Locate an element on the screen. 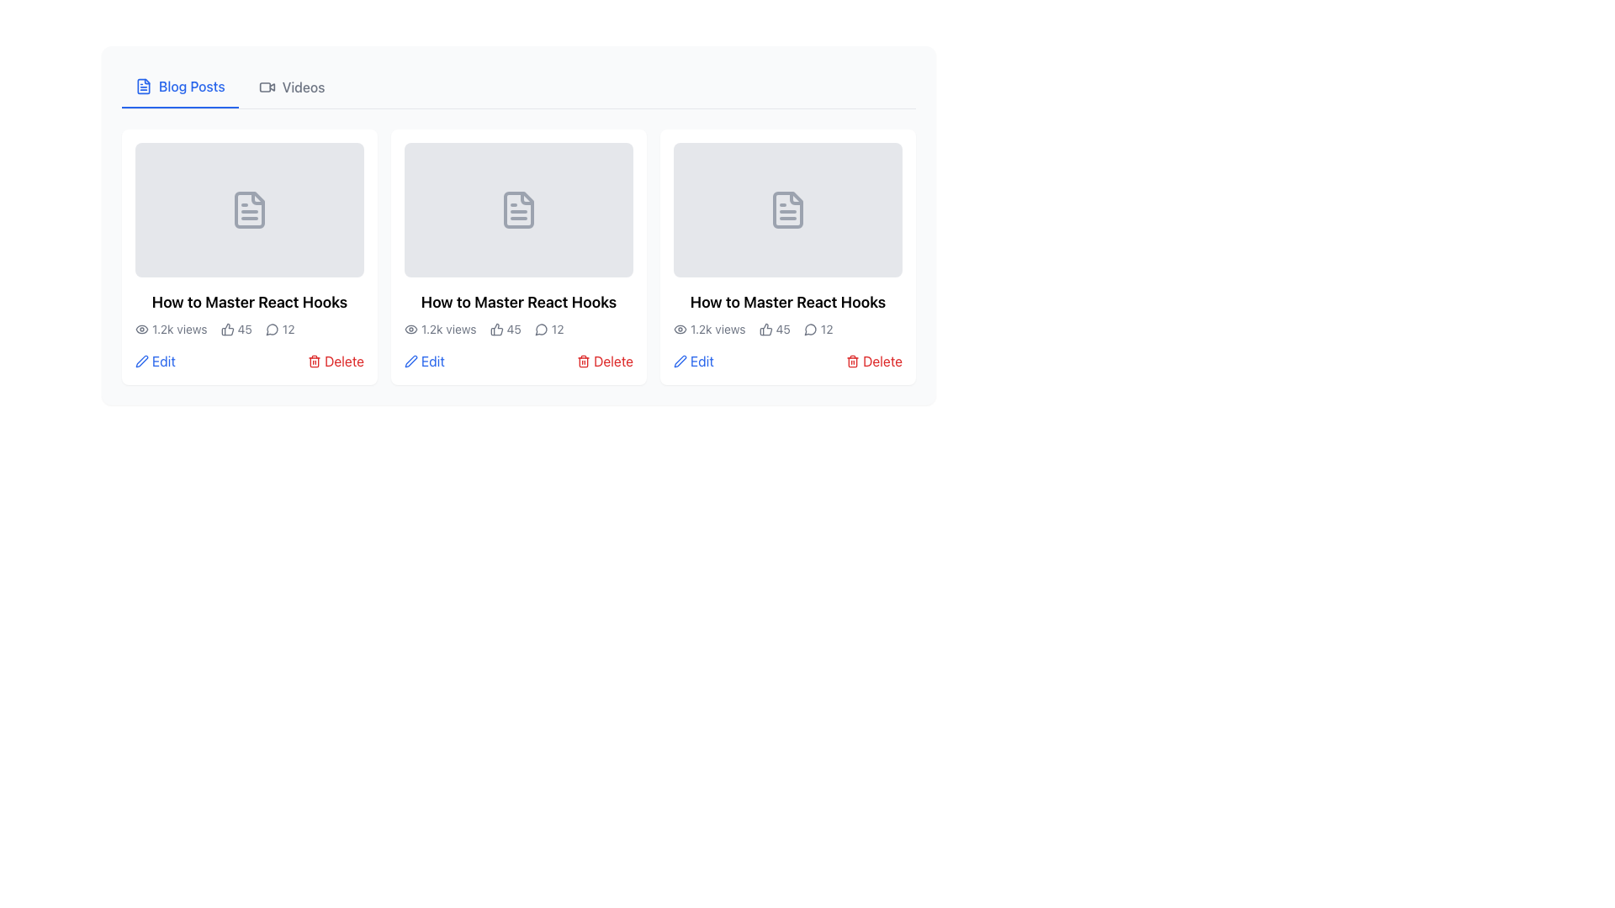 The height and width of the screenshot is (908, 1615). the second title in the 'Blog Posts' section, which serves as the heading for the blog post is located at coordinates (786, 301).